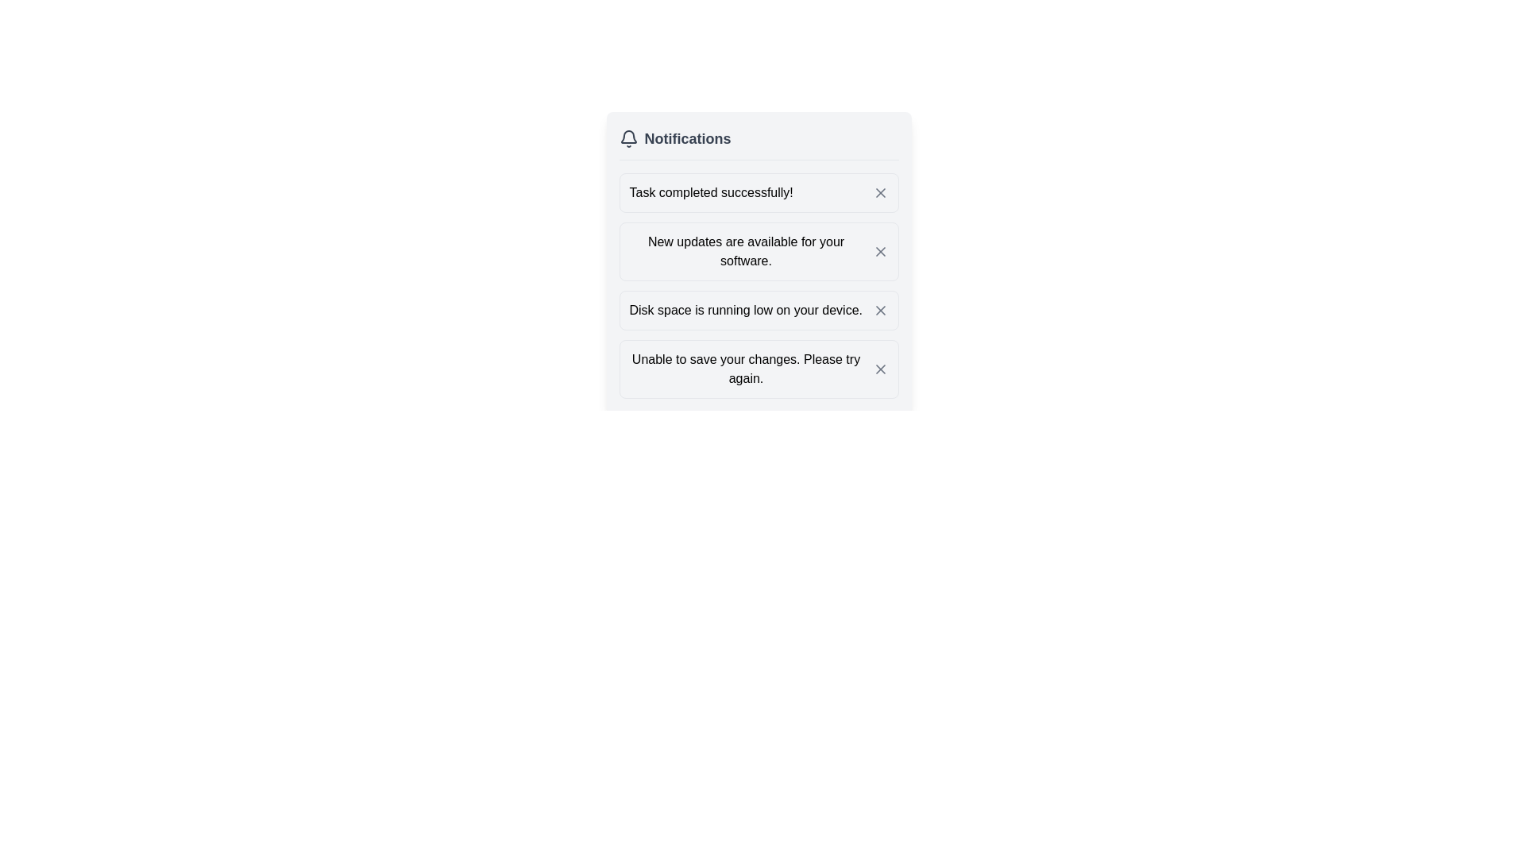  Describe the element at coordinates (758, 250) in the screenshot. I see `notification text from the notification box with a dismiss button, which is the second in a vertical list and contains information about new software updates` at that location.